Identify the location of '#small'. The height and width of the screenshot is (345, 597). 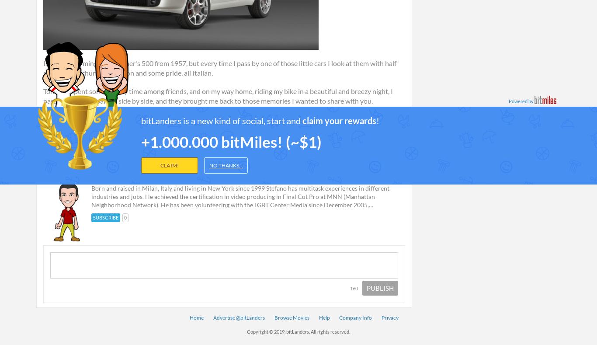
(206, 127).